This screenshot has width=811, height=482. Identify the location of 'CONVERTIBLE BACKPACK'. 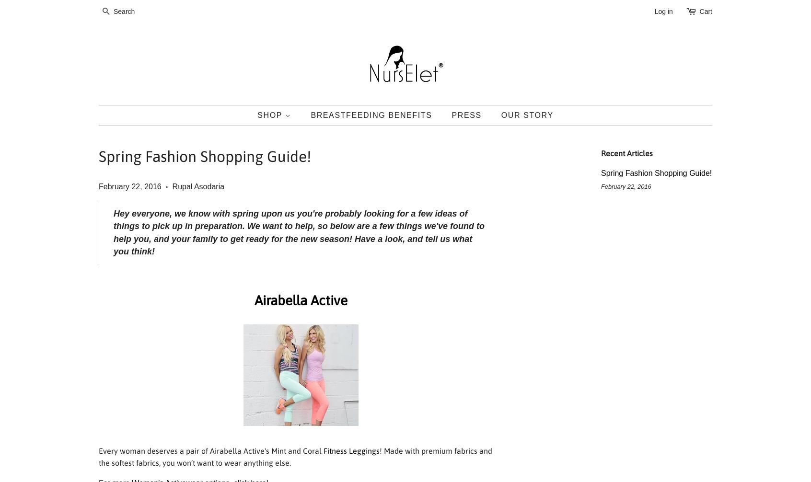
(306, 186).